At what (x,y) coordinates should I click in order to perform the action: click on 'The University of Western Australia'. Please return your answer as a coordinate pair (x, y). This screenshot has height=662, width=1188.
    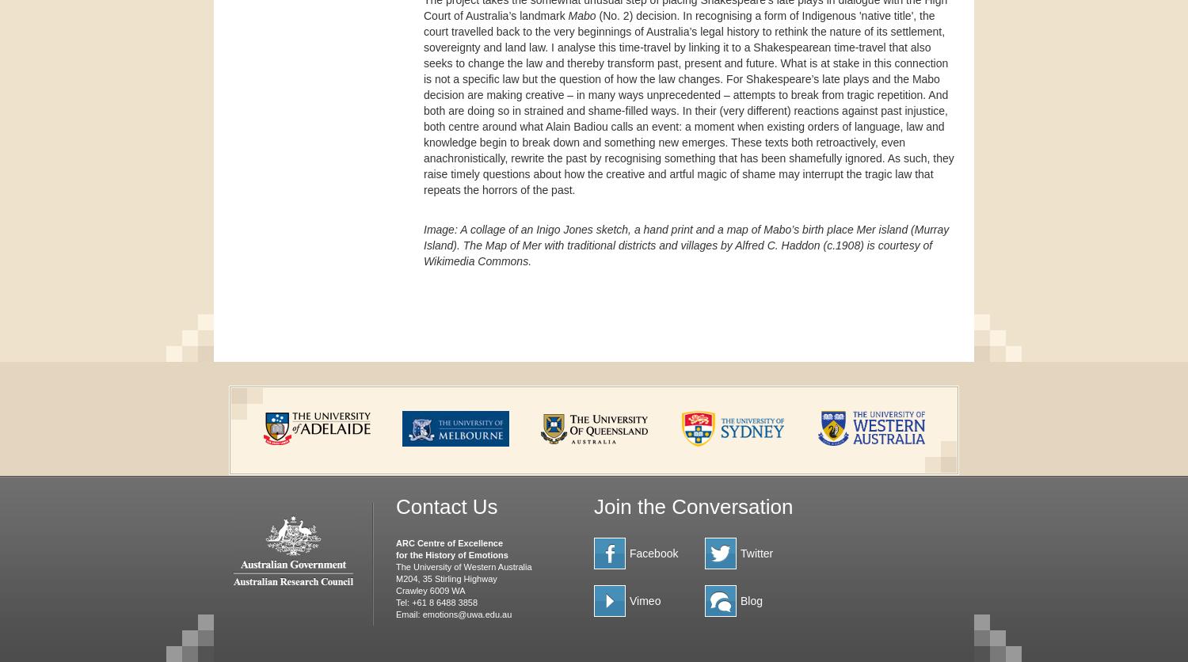
    Looking at the image, I should click on (463, 566).